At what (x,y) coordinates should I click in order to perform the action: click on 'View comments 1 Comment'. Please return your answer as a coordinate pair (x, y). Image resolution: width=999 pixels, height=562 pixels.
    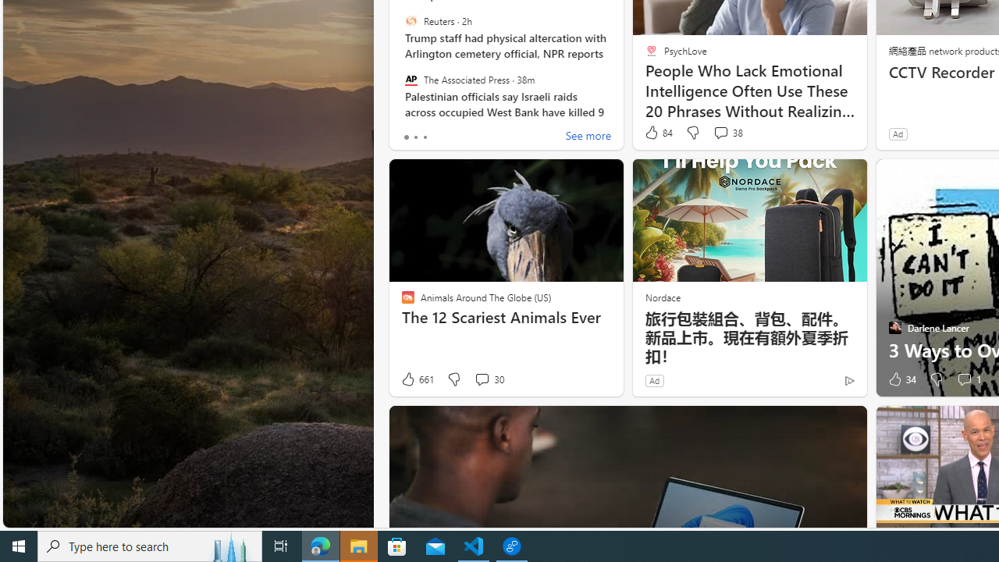
    Looking at the image, I should click on (967, 379).